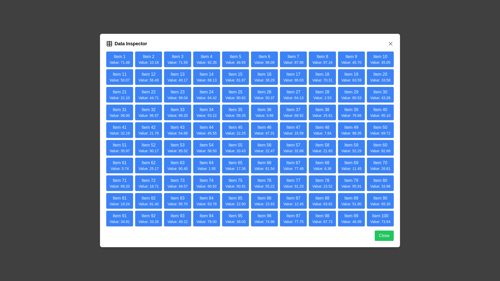 Image resolution: width=500 pixels, height=281 pixels. What do you see at coordinates (390, 43) in the screenshot?
I see `close button in the top-right corner of the dialog to close it` at bounding box center [390, 43].